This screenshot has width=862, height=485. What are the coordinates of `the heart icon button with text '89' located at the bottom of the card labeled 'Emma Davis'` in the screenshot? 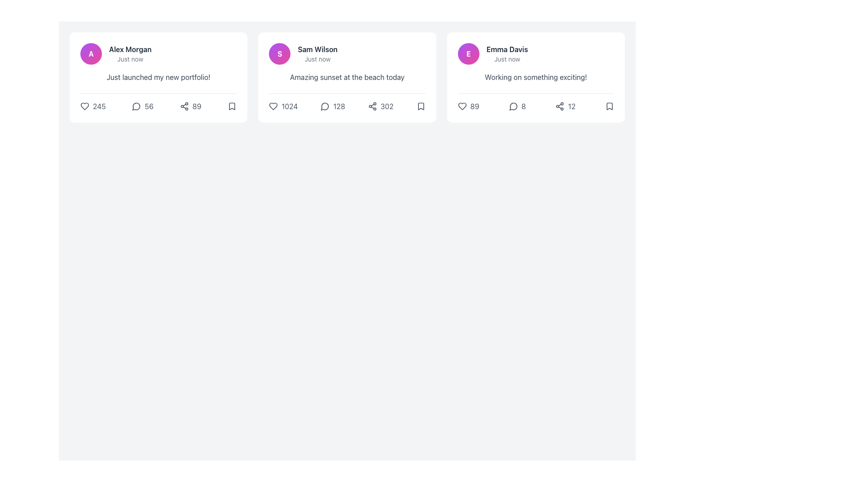 It's located at (468, 106).